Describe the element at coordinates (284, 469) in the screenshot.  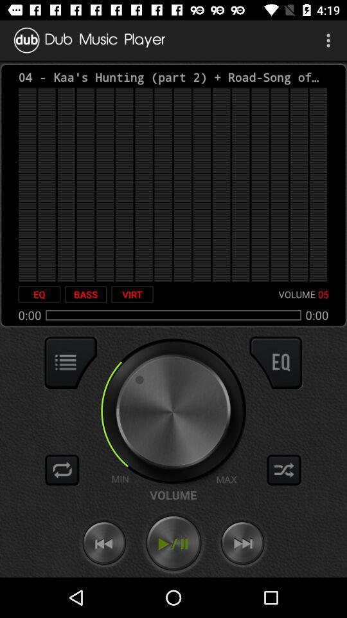
I see `share` at that location.